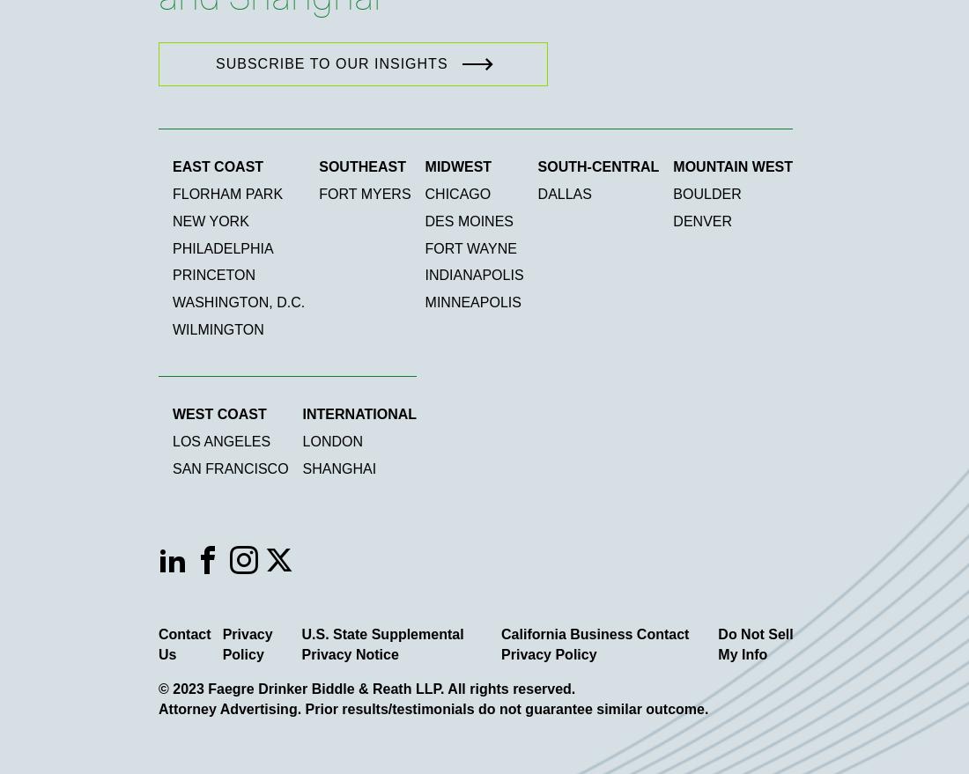 This screenshot has height=774, width=969. I want to click on 'East Coast', so click(218, 166).